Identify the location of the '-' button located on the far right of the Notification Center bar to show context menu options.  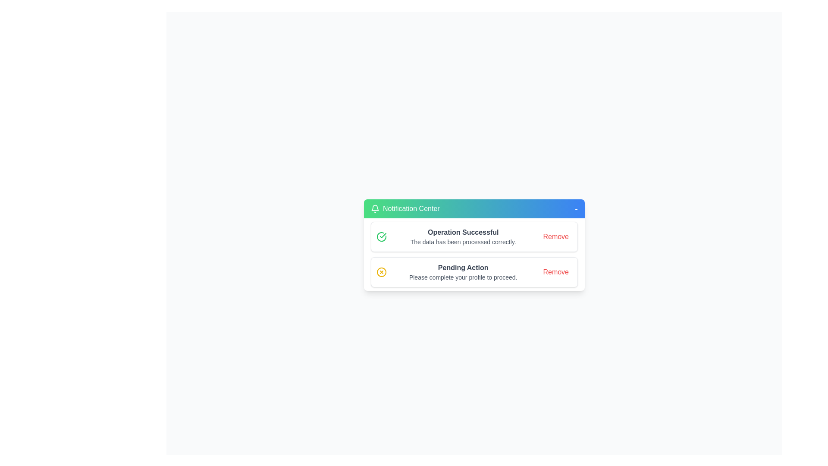
(576, 208).